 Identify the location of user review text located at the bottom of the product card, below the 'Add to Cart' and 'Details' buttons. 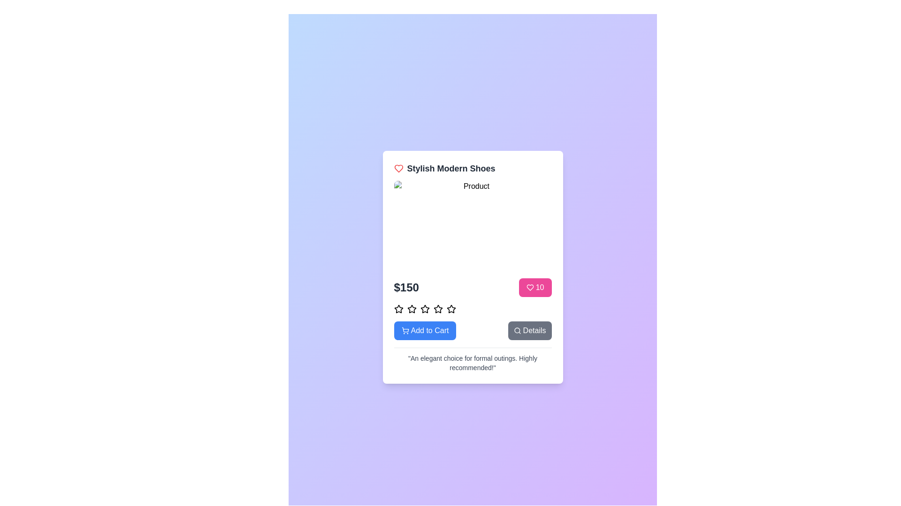
(473, 359).